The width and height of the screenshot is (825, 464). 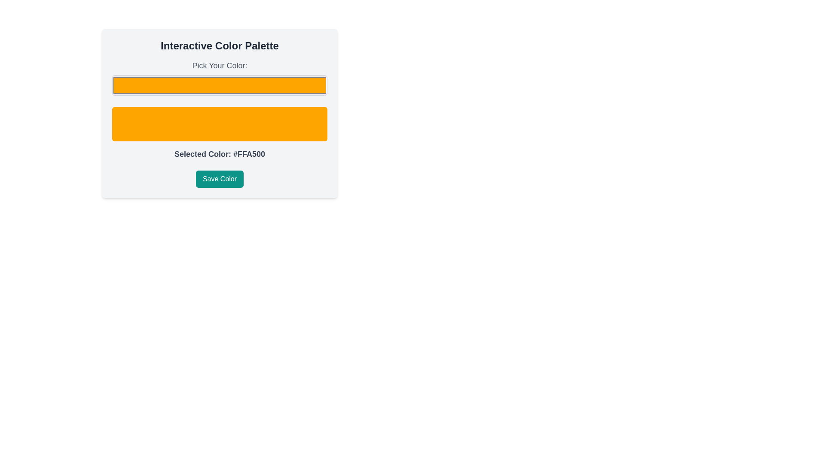 What do you see at coordinates (220, 153) in the screenshot?
I see `the text label displaying 'Selected Color: #FFA500', which shows the currently selected color in a large, bold font below the orange color preview box` at bounding box center [220, 153].